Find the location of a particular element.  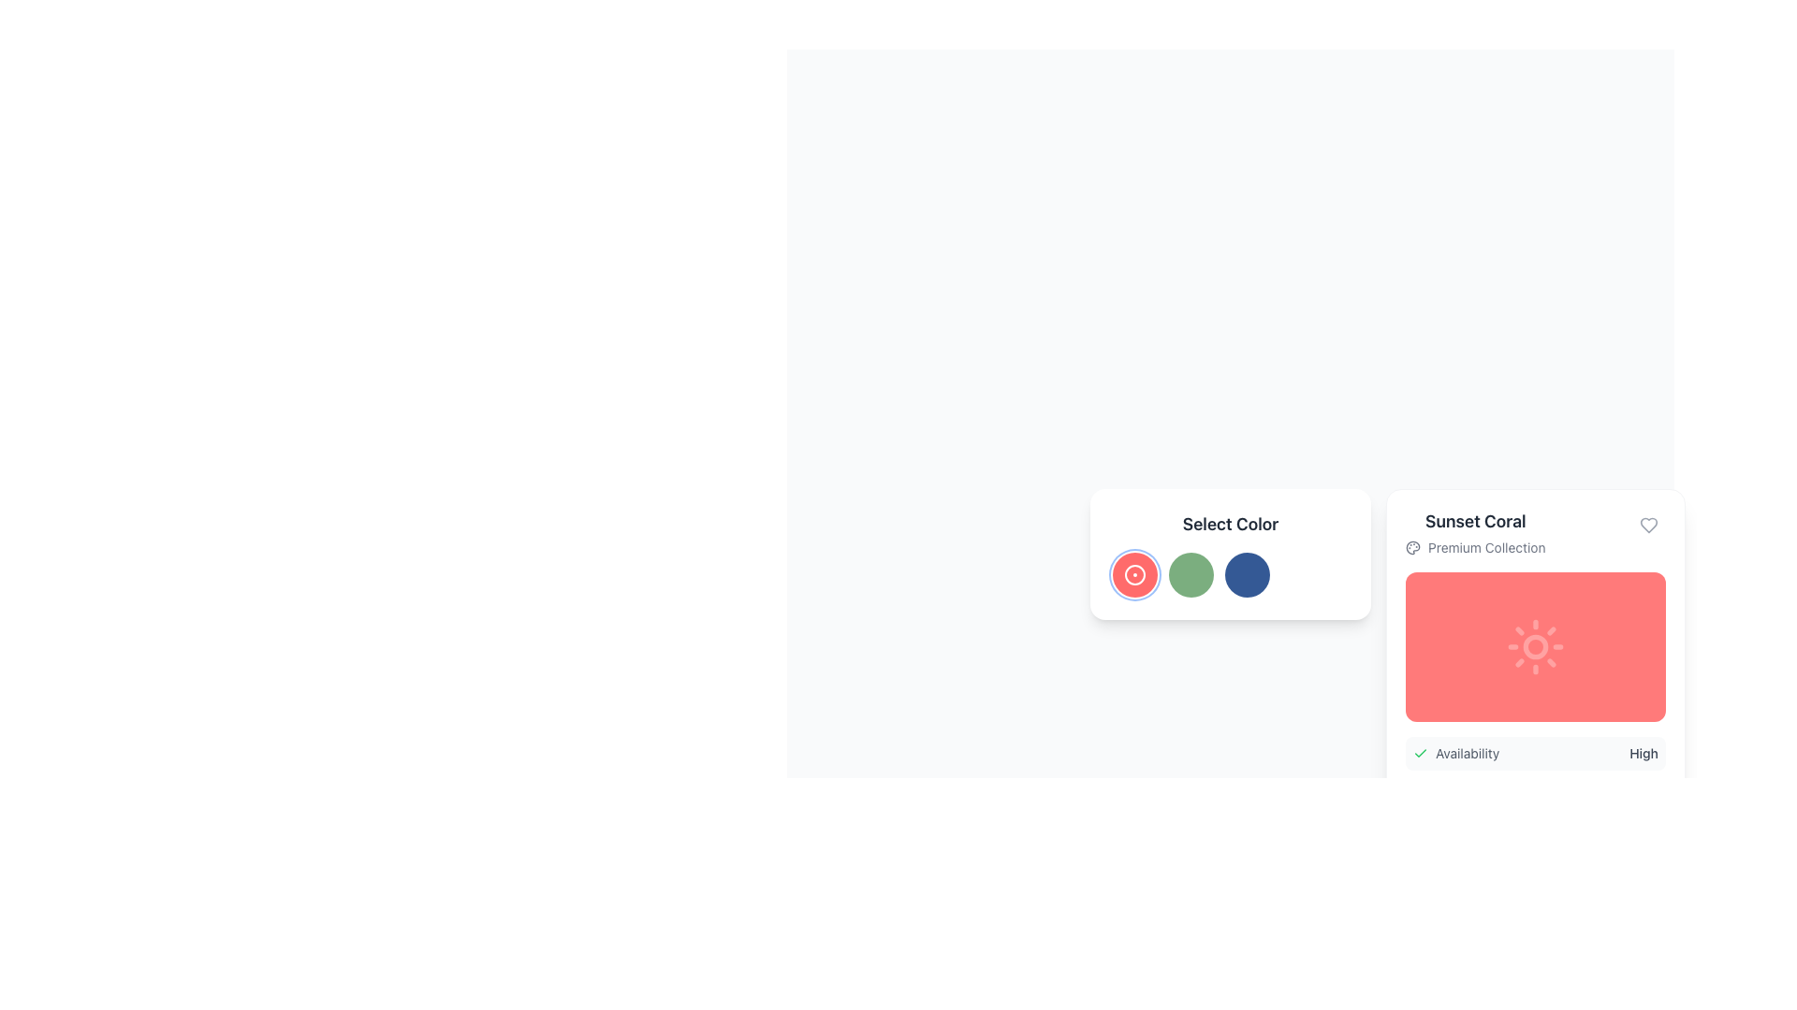

the 'Select Color' text label displayed in bold typography with a gray font color, which is centrally located above a row of colored circles is located at coordinates (1231, 524).